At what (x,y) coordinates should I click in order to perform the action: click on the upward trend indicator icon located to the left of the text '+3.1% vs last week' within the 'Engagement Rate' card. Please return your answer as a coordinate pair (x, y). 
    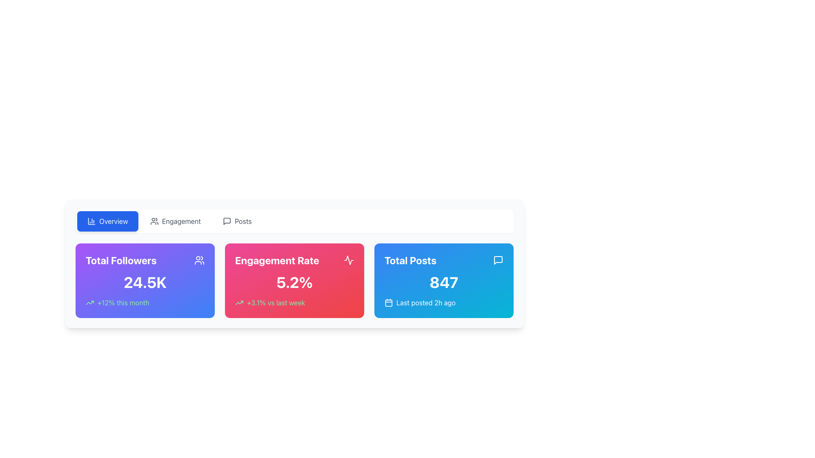
    Looking at the image, I should click on (239, 302).